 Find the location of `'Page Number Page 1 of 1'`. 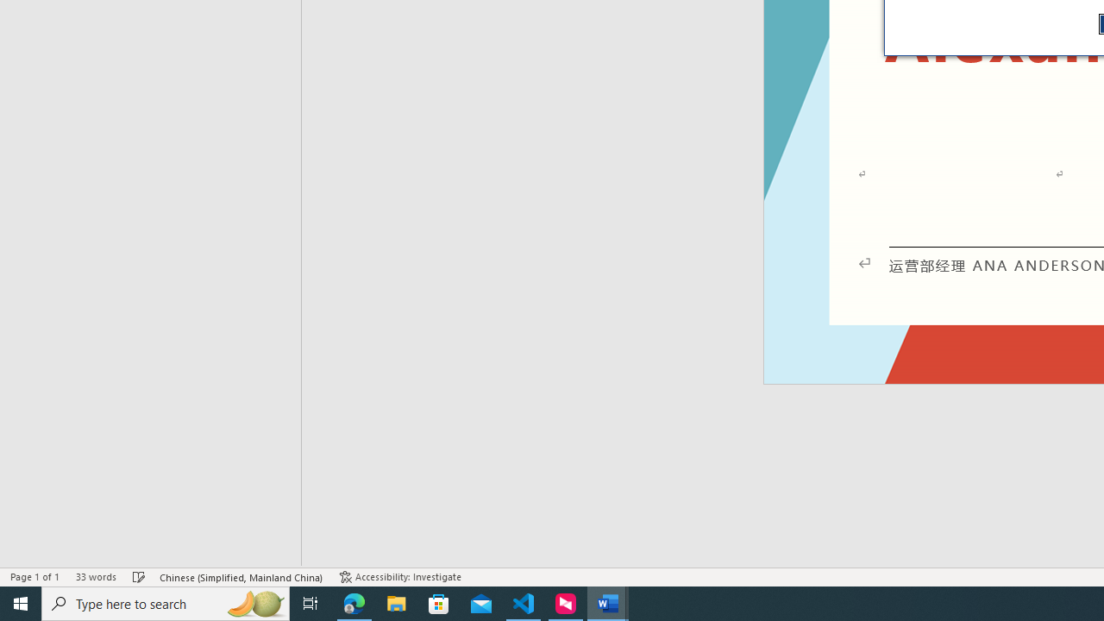

'Page Number Page 1 of 1' is located at coordinates (34, 577).